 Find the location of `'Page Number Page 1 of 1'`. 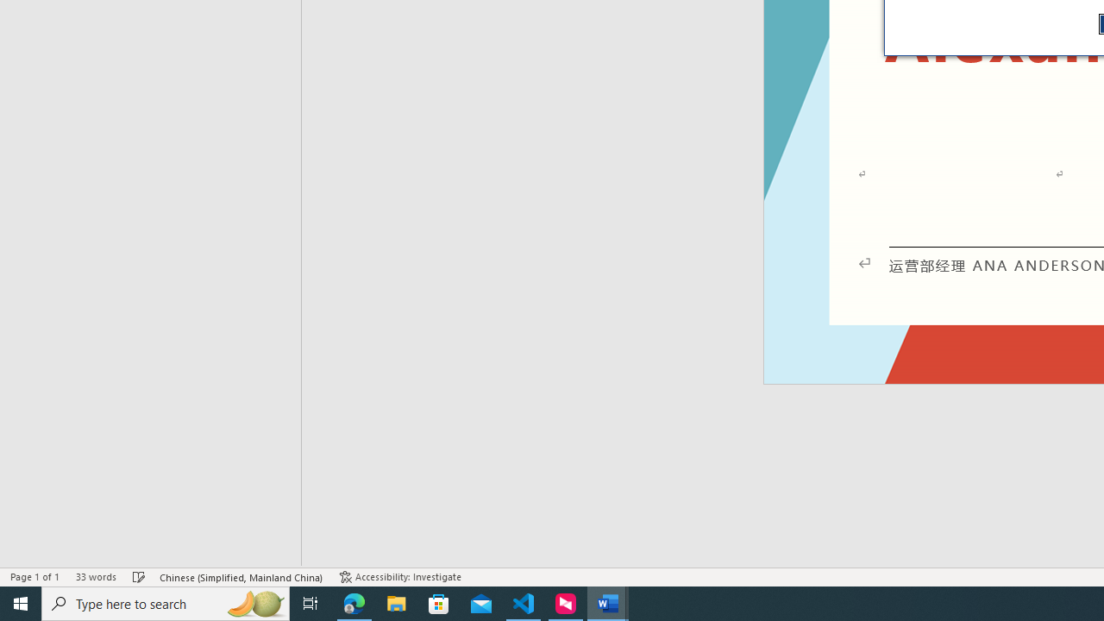

'Page Number Page 1 of 1' is located at coordinates (34, 577).